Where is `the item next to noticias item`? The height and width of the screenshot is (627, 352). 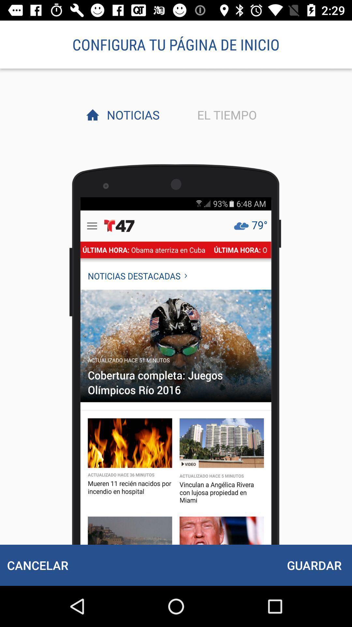 the item next to noticias item is located at coordinates (225, 115).